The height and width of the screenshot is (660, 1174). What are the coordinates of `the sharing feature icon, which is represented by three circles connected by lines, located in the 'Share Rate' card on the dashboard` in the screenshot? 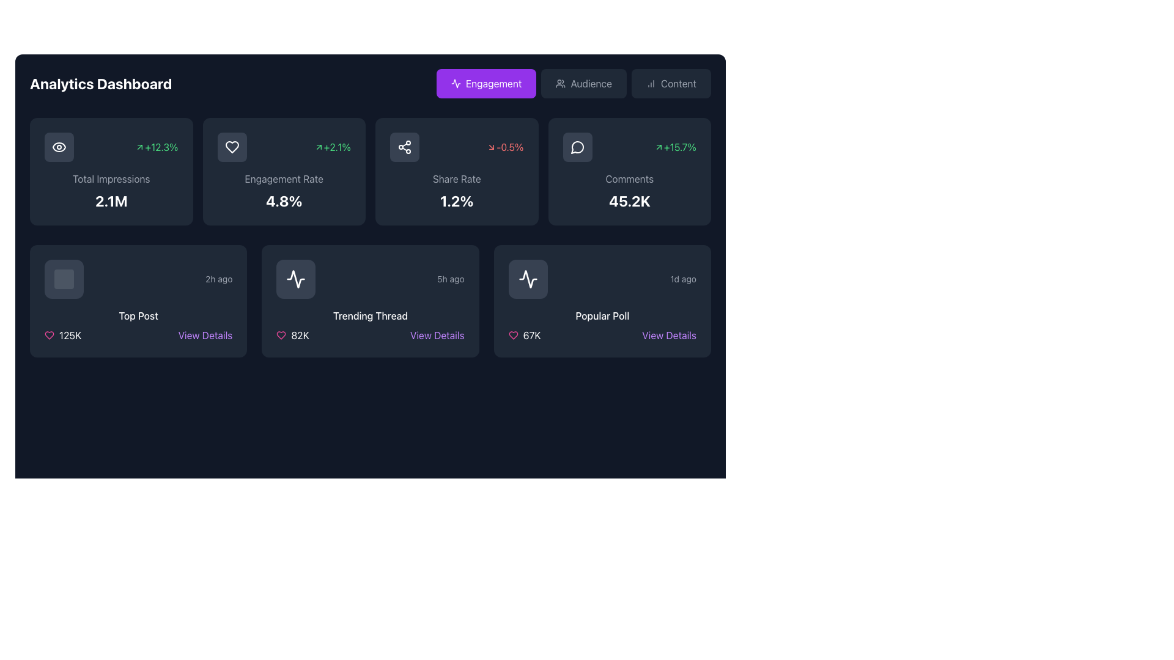 It's located at (405, 146).